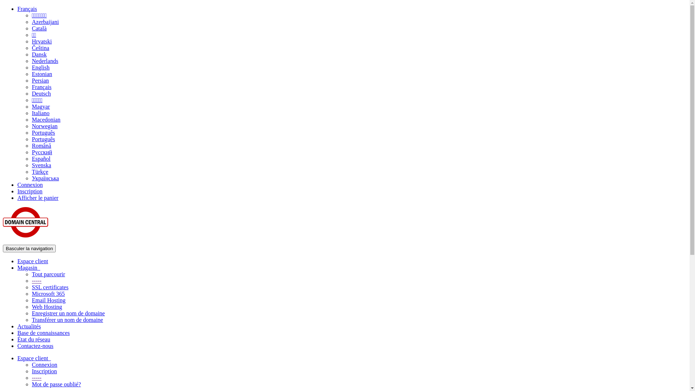 The width and height of the screenshot is (695, 391). What do you see at coordinates (40, 80) in the screenshot?
I see `'Persian'` at bounding box center [40, 80].